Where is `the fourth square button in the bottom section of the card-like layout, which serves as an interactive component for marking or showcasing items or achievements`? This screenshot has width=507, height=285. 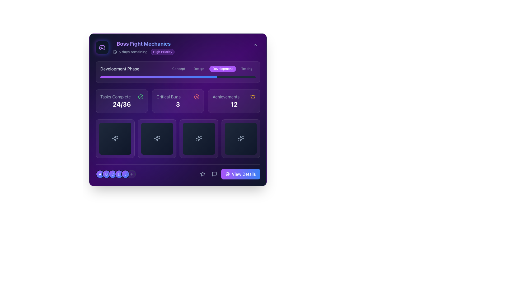 the fourth square button in the bottom section of the card-like layout, which serves as an interactive component for marking or showcasing items or achievements is located at coordinates (240, 138).